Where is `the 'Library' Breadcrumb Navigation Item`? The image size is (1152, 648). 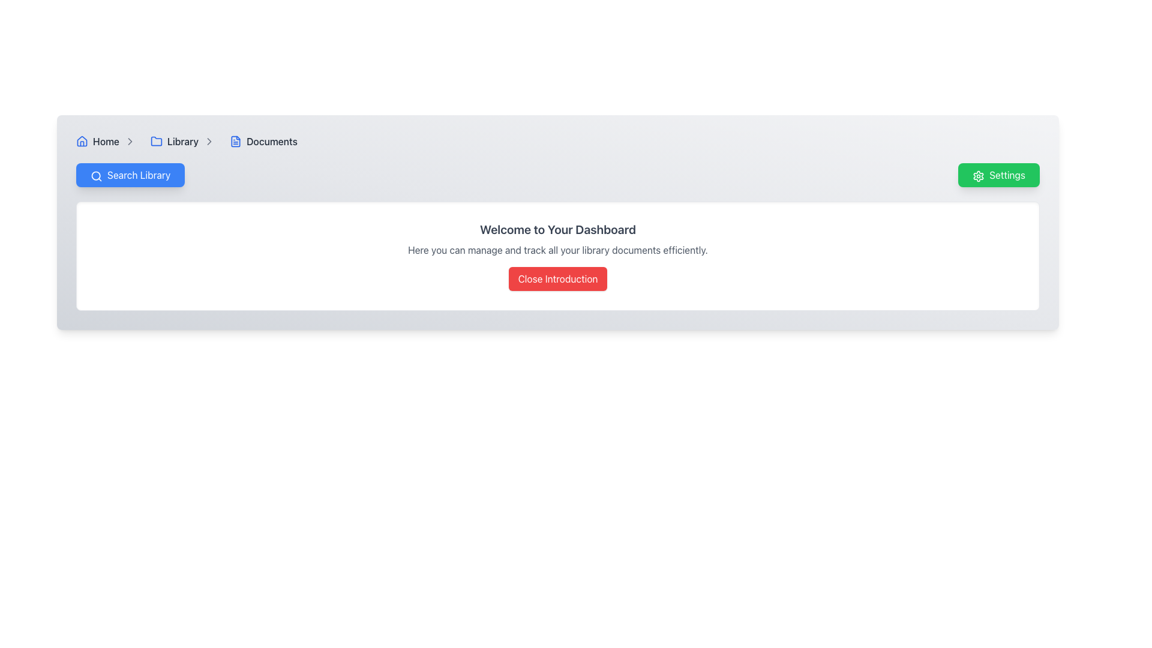 the 'Library' Breadcrumb Navigation Item is located at coordinates (185, 140).